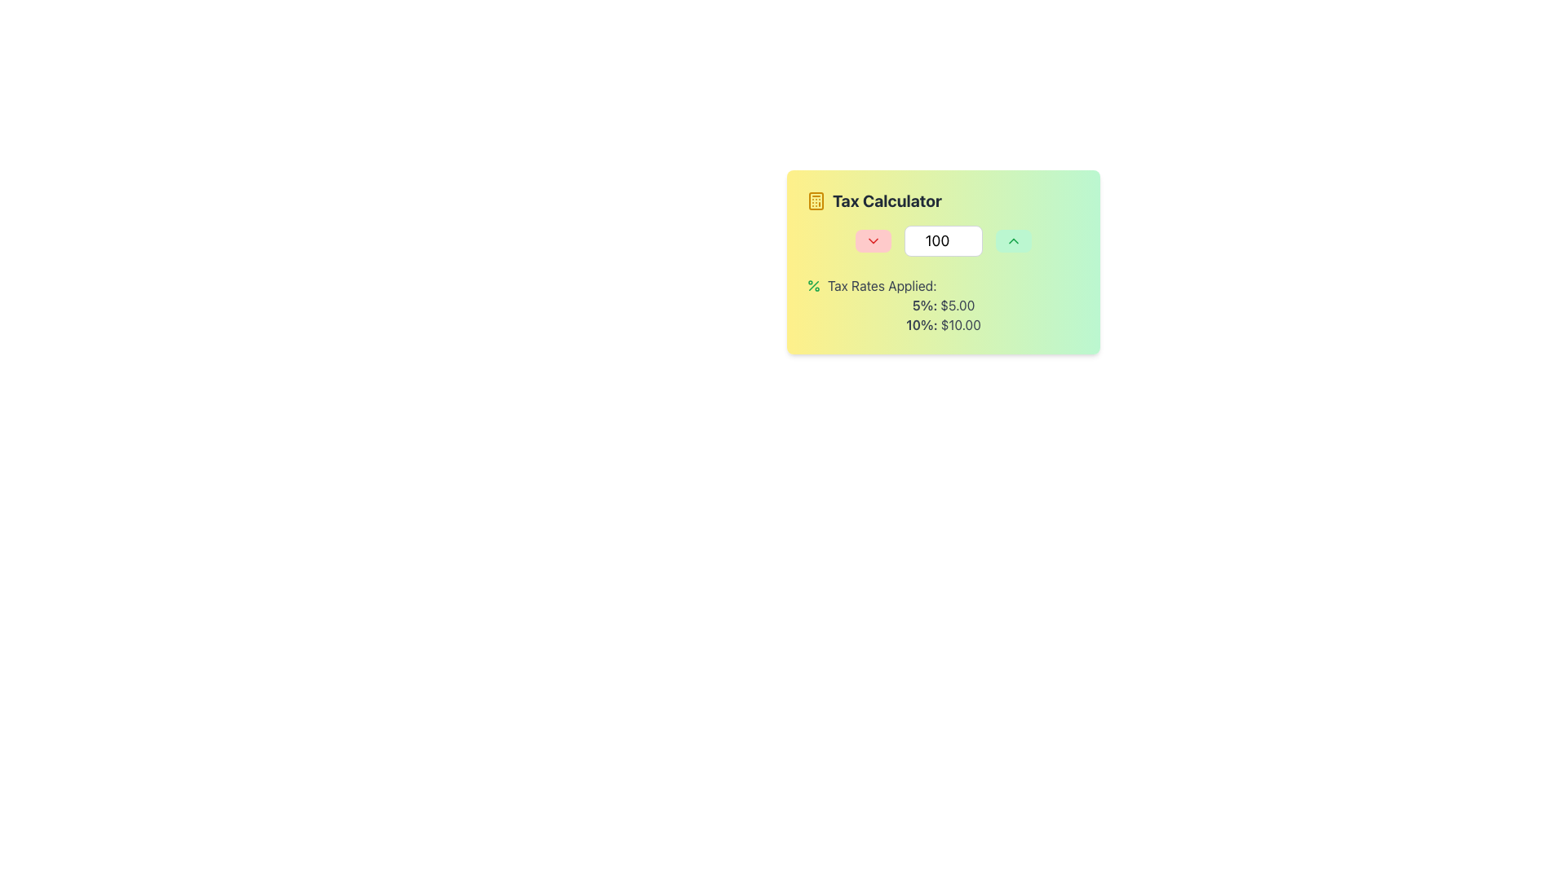 This screenshot has width=1566, height=880. Describe the element at coordinates (923, 324) in the screenshot. I see `the text label that denotes a tax rate of 10% in the tax calculation UI, which is part of the line '10%: $10.00' under the 'Tax Rates Applied' section` at that location.